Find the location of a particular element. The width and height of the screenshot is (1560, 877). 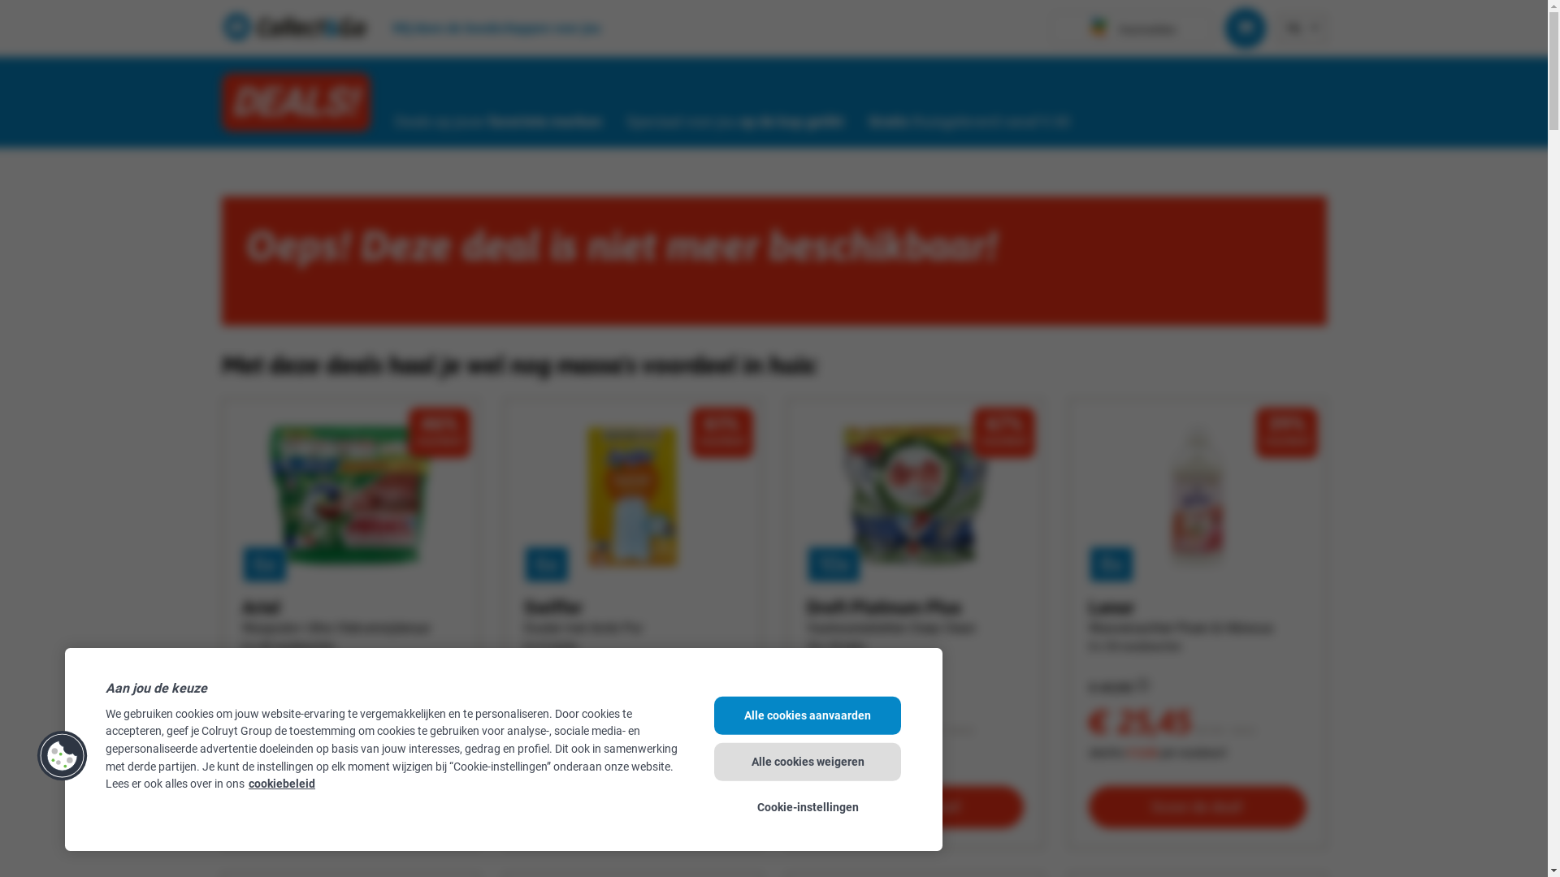

'Scoor de deal!' is located at coordinates (1197, 807).